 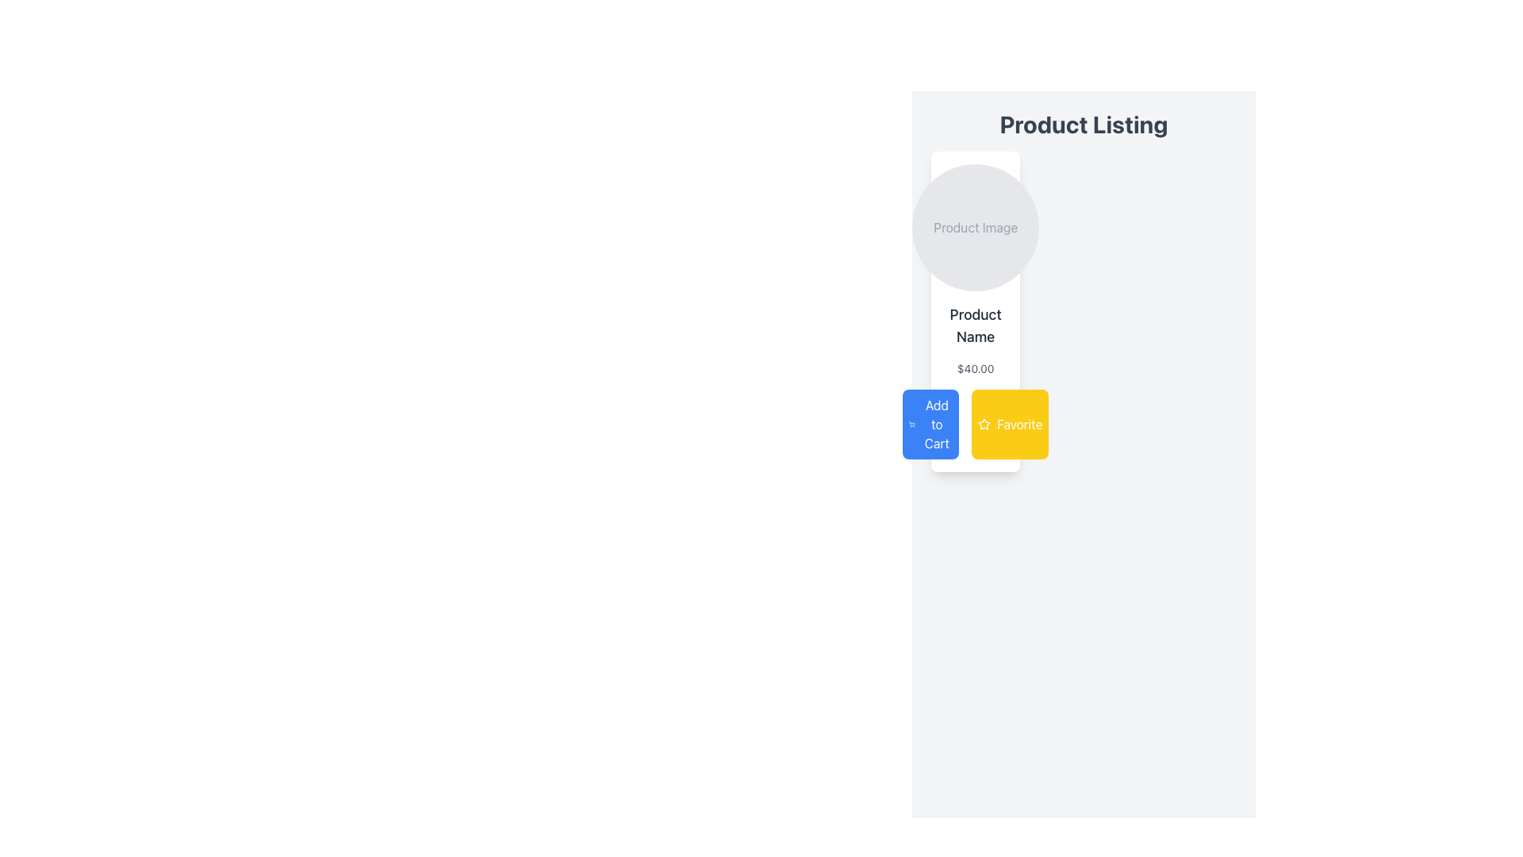 I want to click on the yellow rectangular button with white text and a star icon, located to the right of the 'Add to Cart' button, to favorite the product, so click(x=974, y=424).